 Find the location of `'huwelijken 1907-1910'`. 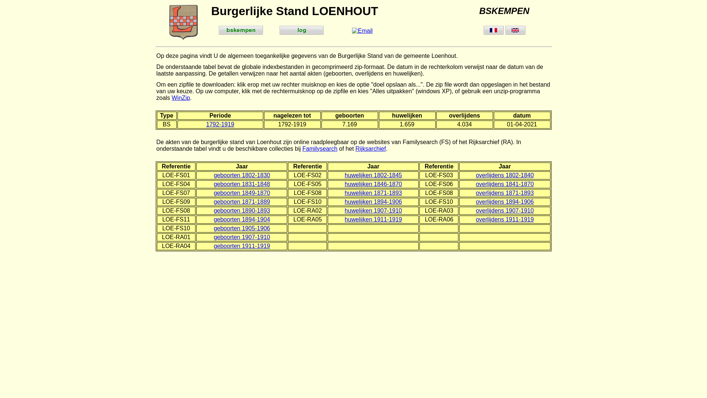

'huwelijken 1907-1910' is located at coordinates (373, 210).